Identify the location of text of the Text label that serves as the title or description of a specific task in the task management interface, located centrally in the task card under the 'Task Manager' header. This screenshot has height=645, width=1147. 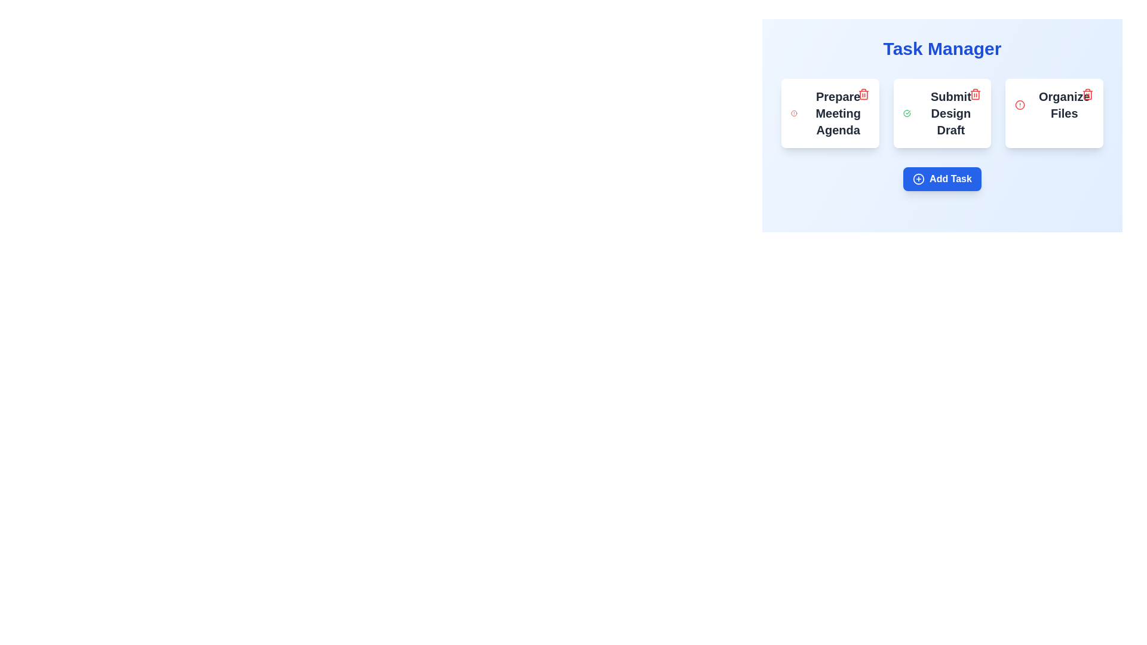
(950, 113).